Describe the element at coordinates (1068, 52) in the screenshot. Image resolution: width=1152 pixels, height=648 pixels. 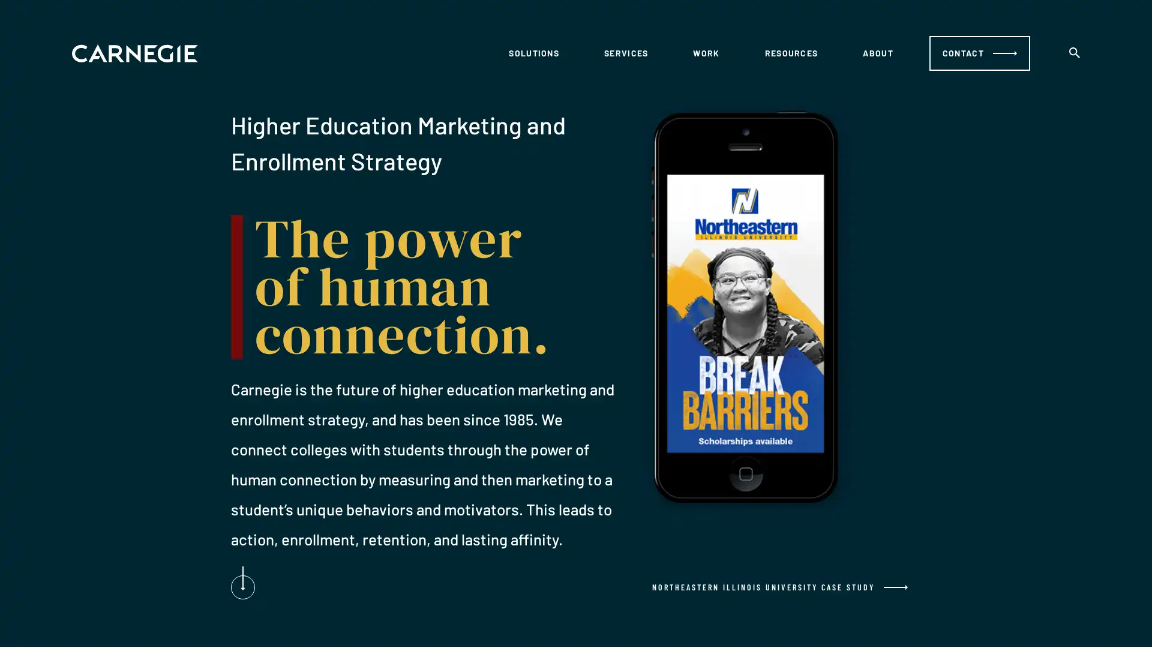
I see `search` at that location.